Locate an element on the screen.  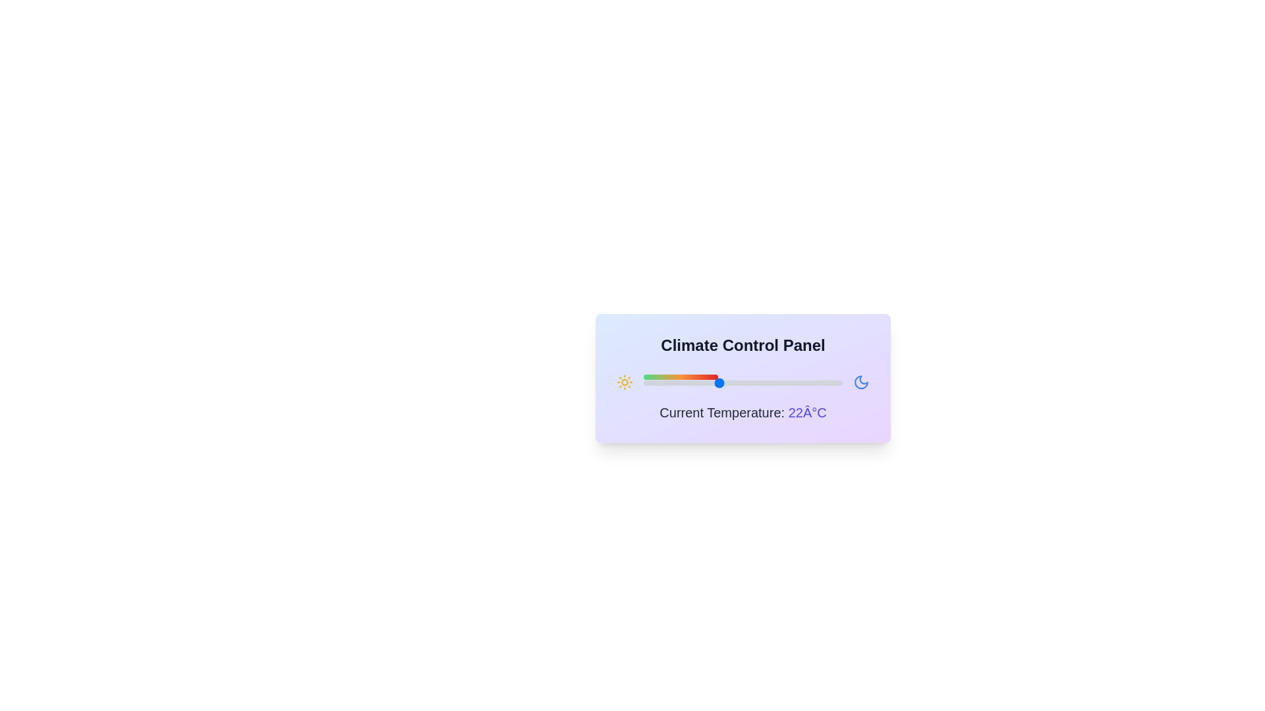
the temperature is located at coordinates (755, 383).